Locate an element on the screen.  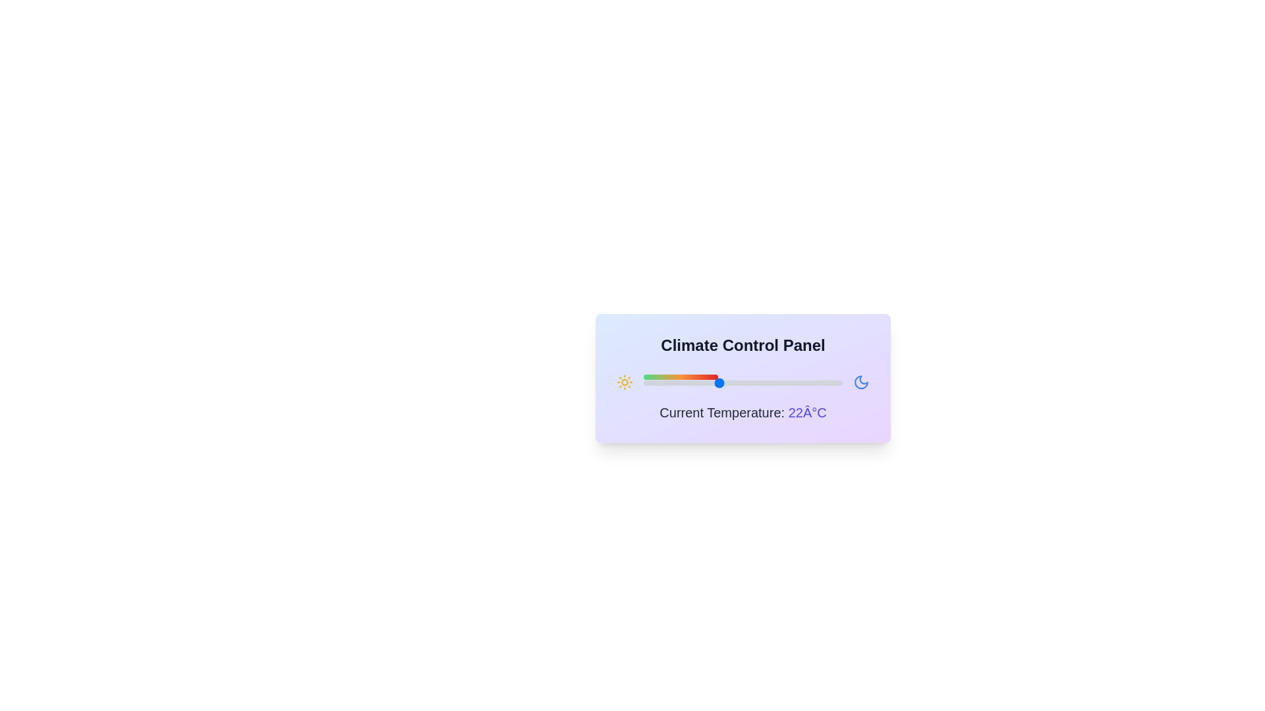
the temperature is located at coordinates (755, 383).